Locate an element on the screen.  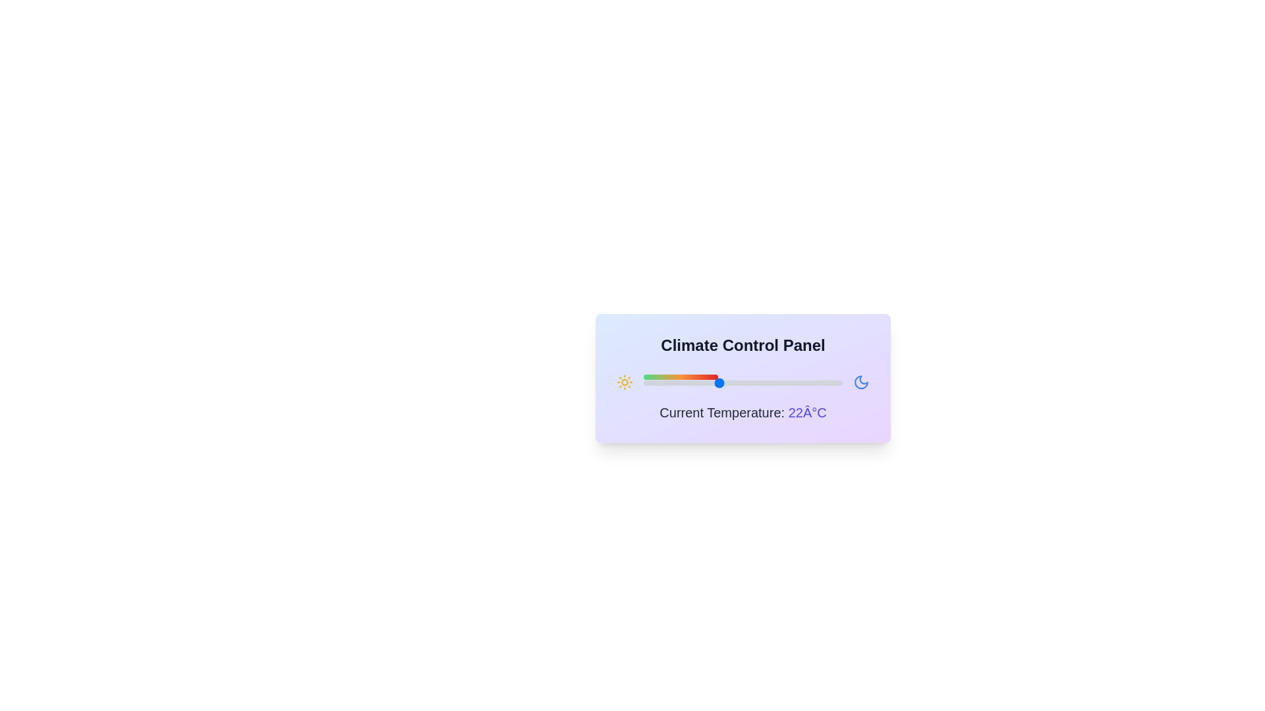
the temperature is located at coordinates (755, 383).